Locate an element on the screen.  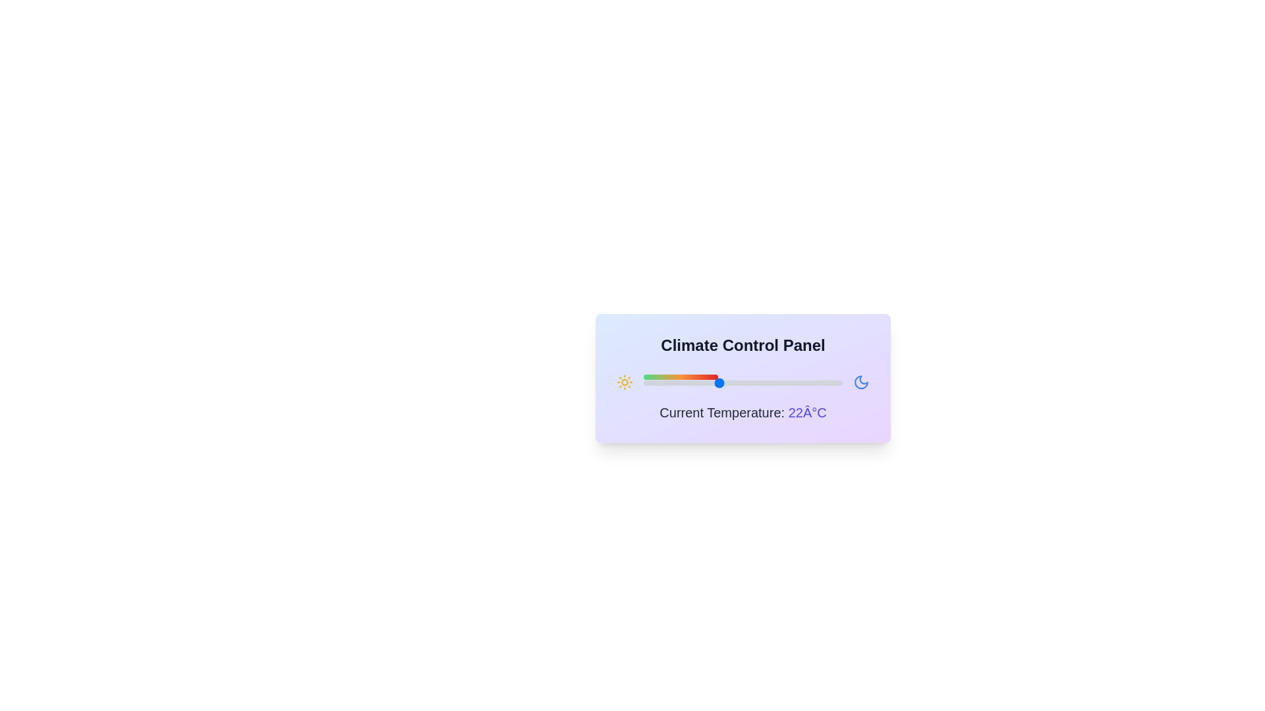
the temperature is located at coordinates (755, 383).